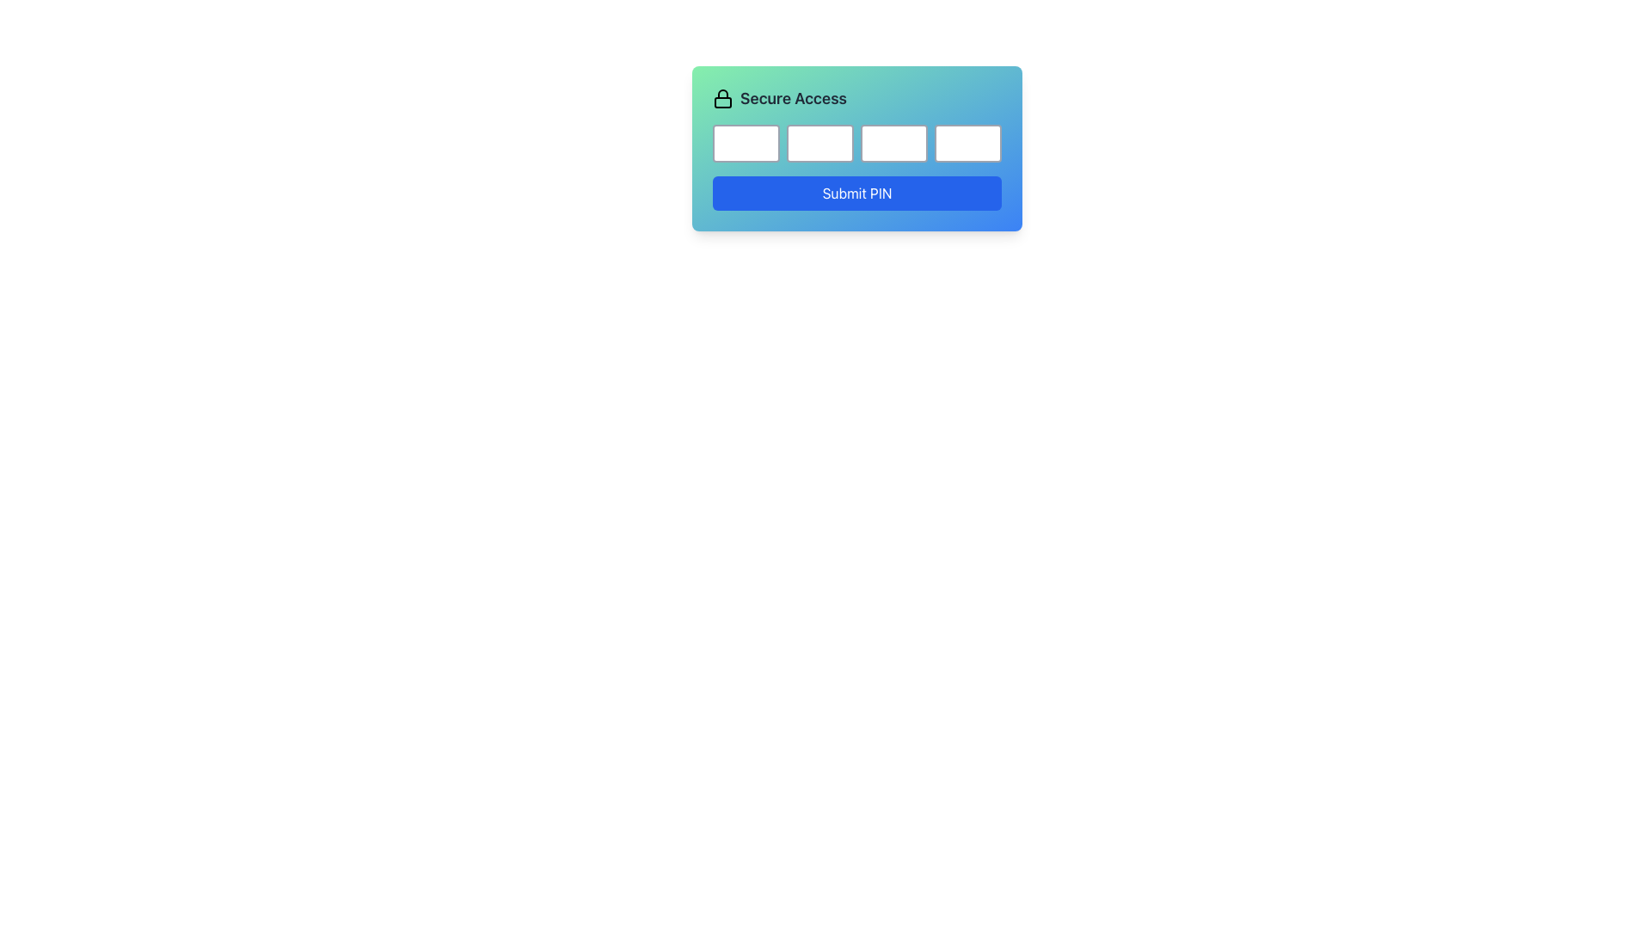  What do you see at coordinates (968, 142) in the screenshot?
I see `the fourth password input field with a gray border in the security prompt interface to focus on it` at bounding box center [968, 142].